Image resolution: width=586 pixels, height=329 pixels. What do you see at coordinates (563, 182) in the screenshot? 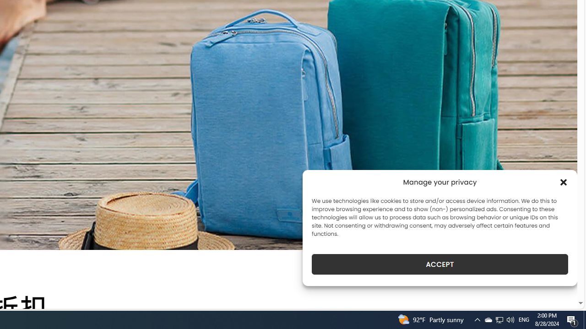
I see `'Class: cmplz-close'` at bounding box center [563, 182].